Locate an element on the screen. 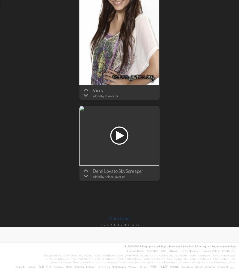 The height and width of the screenshot is (278, 239). 'victoria Justice vs. Demi Lovato Images' is located at coordinates (212, 255).